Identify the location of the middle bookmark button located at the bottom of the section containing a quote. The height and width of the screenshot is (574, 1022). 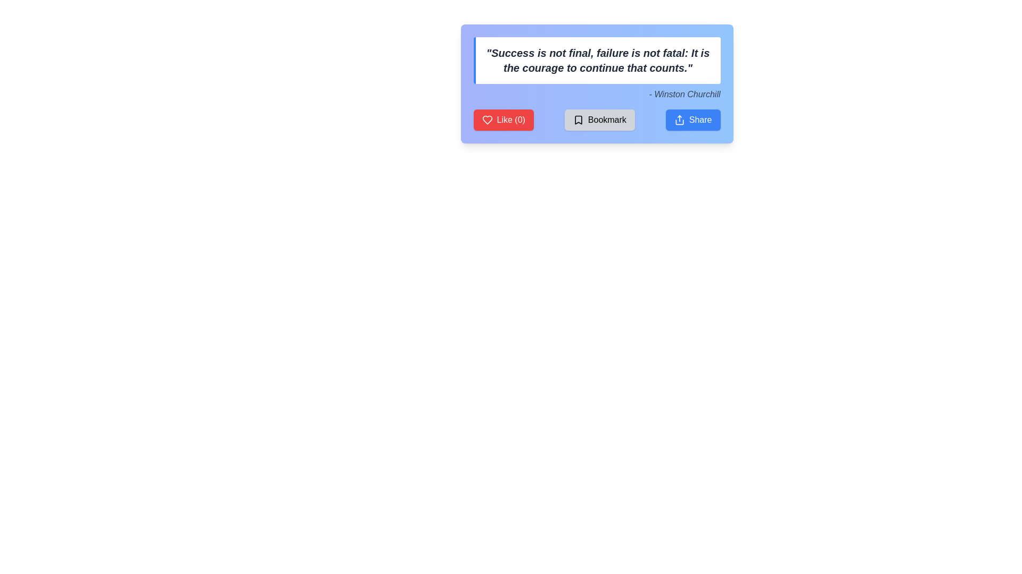
(597, 120).